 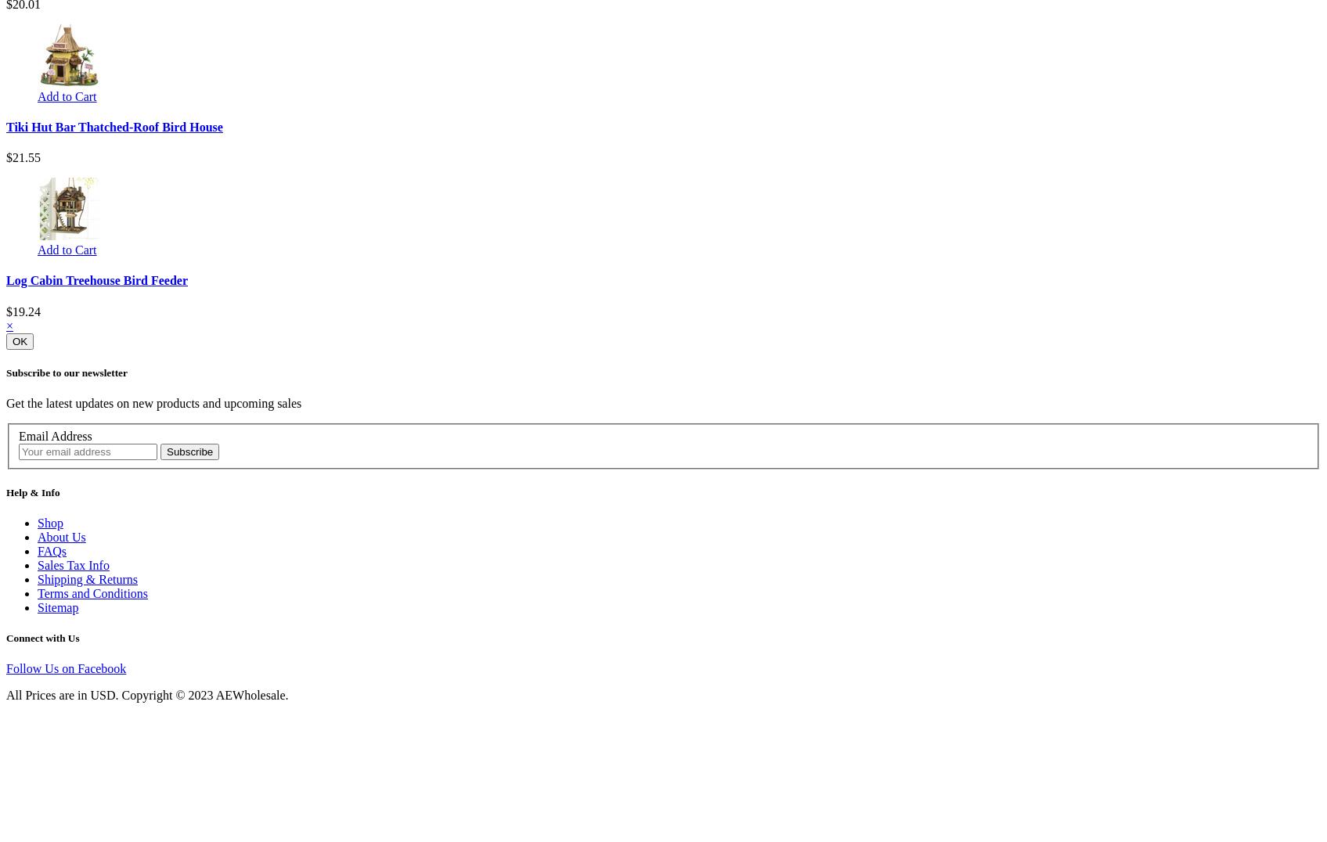 I want to click on 'Terms and Conditions', so click(x=92, y=592).